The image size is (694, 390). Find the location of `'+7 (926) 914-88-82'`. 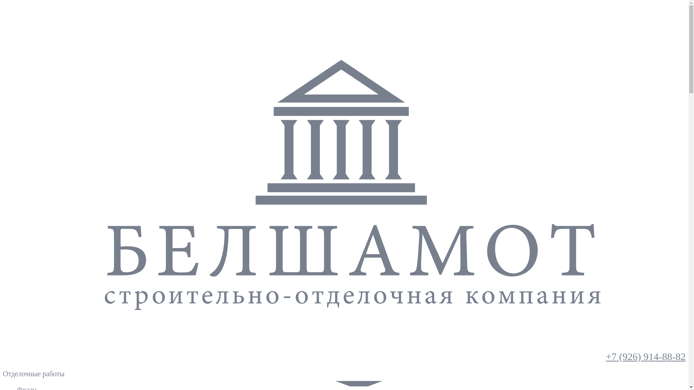

'+7 (926) 914-88-82' is located at coordinates (646, 356).